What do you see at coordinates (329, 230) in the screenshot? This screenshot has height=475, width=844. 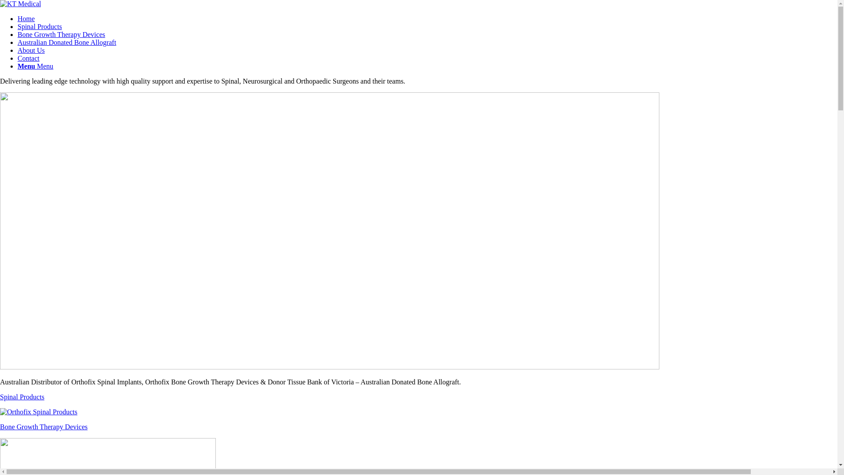 I see `'Header'` at bounding box center [329, 230].